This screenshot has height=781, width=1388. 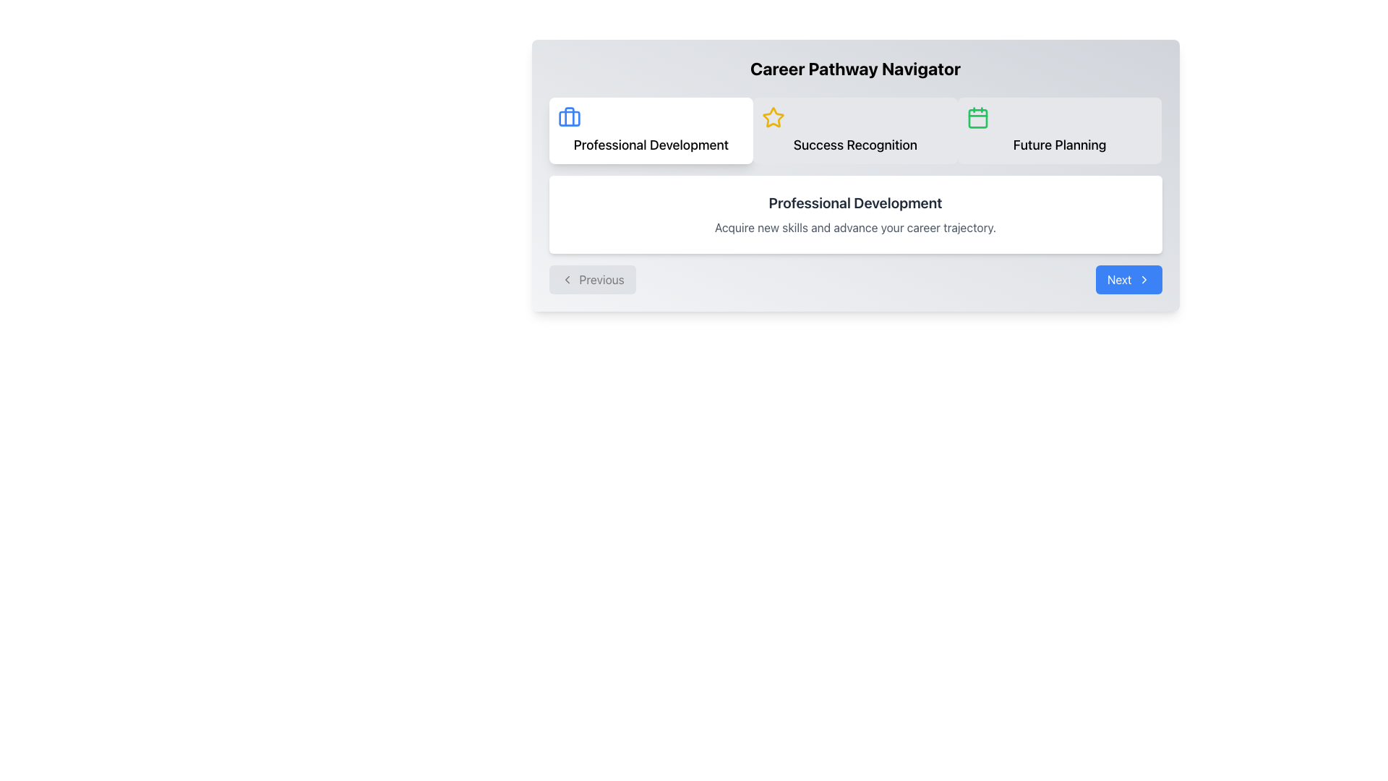 I want to click on the calendar icon located under the 'Career Pathway Navigator' heading, so click(x=977, y=118).